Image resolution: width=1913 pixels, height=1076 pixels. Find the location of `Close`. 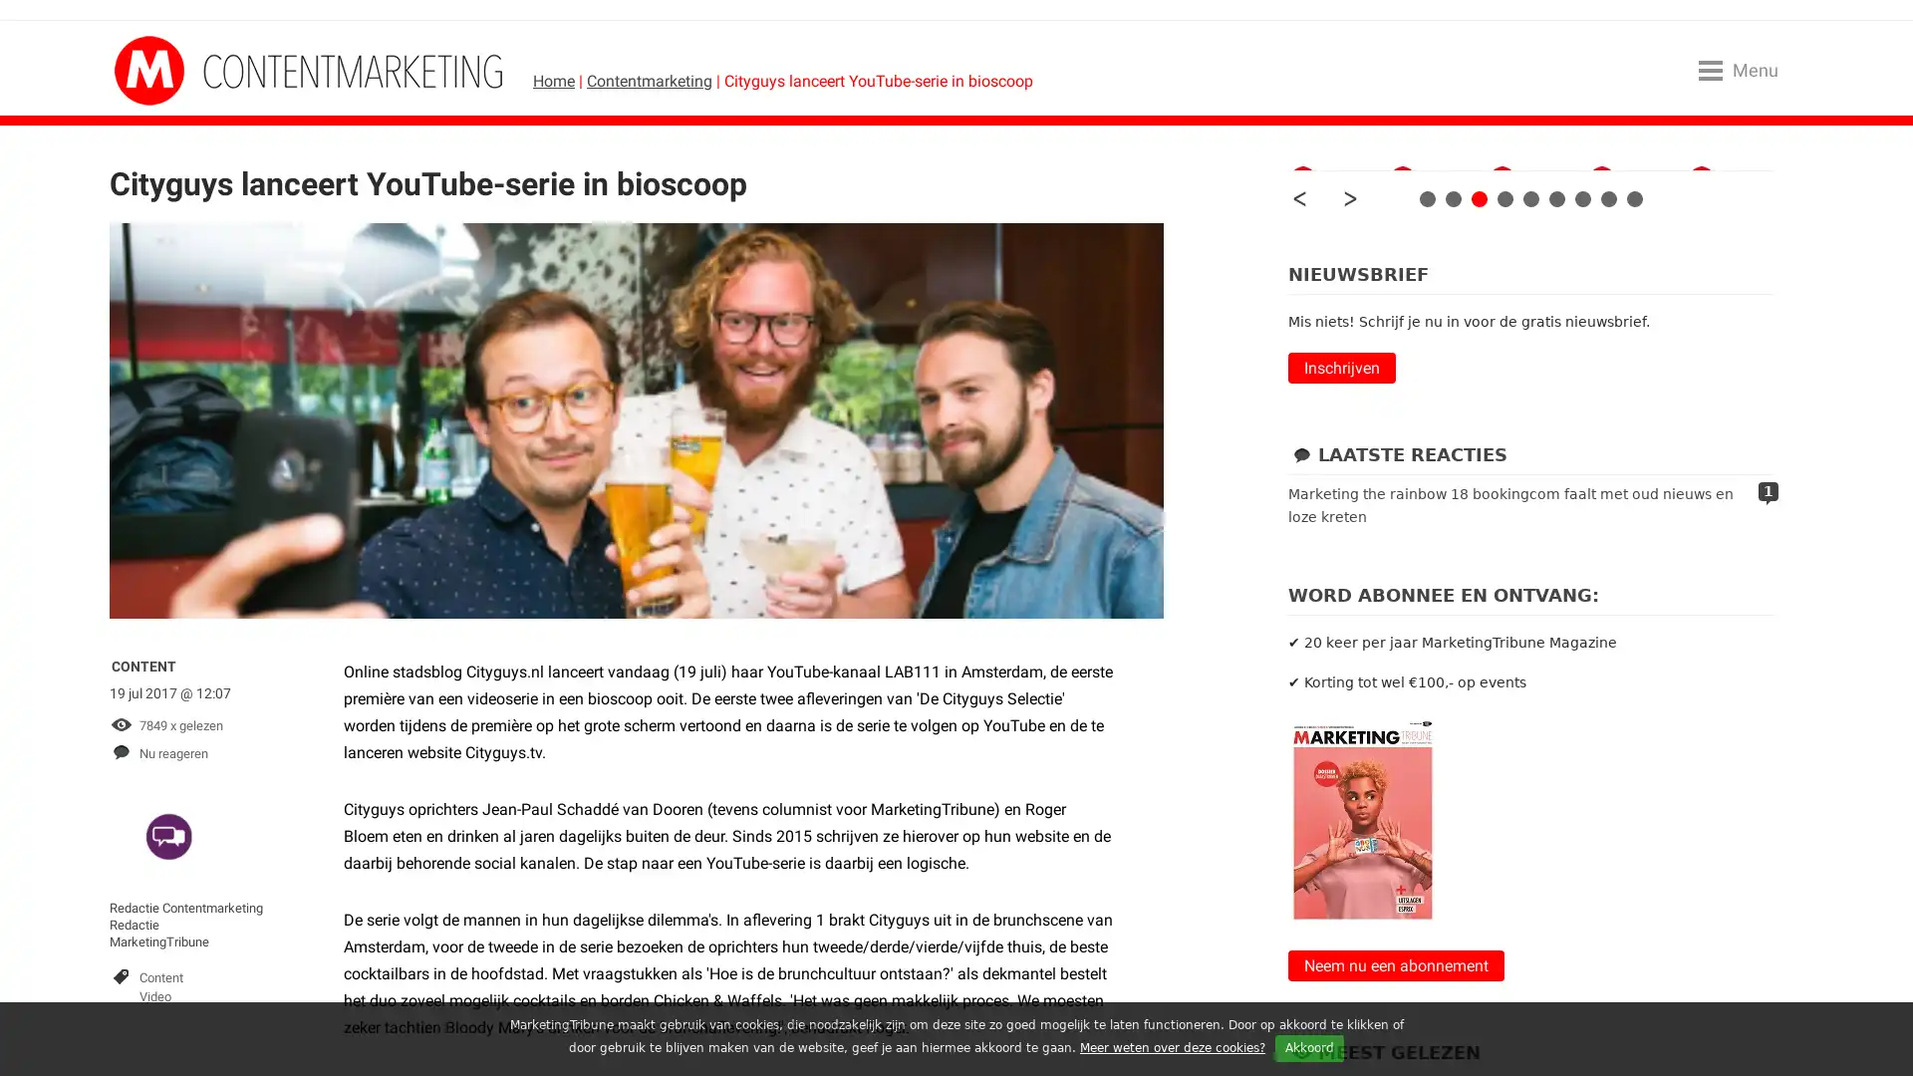

Close is located at coordinates (1892, 690).